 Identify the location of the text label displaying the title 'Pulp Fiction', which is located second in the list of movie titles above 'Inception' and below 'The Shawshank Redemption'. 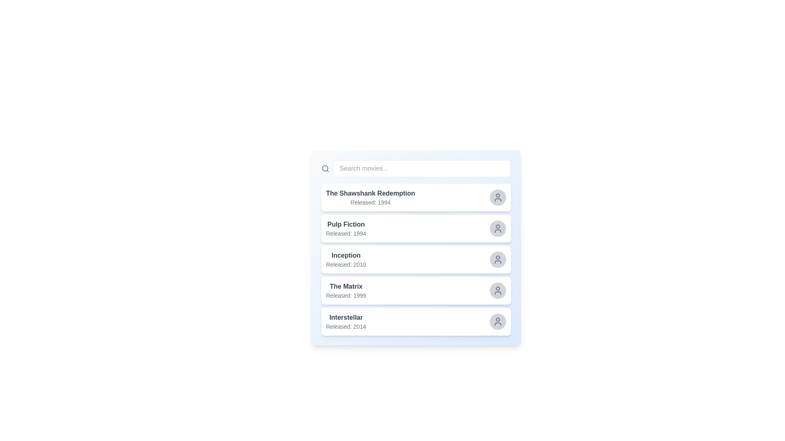
(346, 225).